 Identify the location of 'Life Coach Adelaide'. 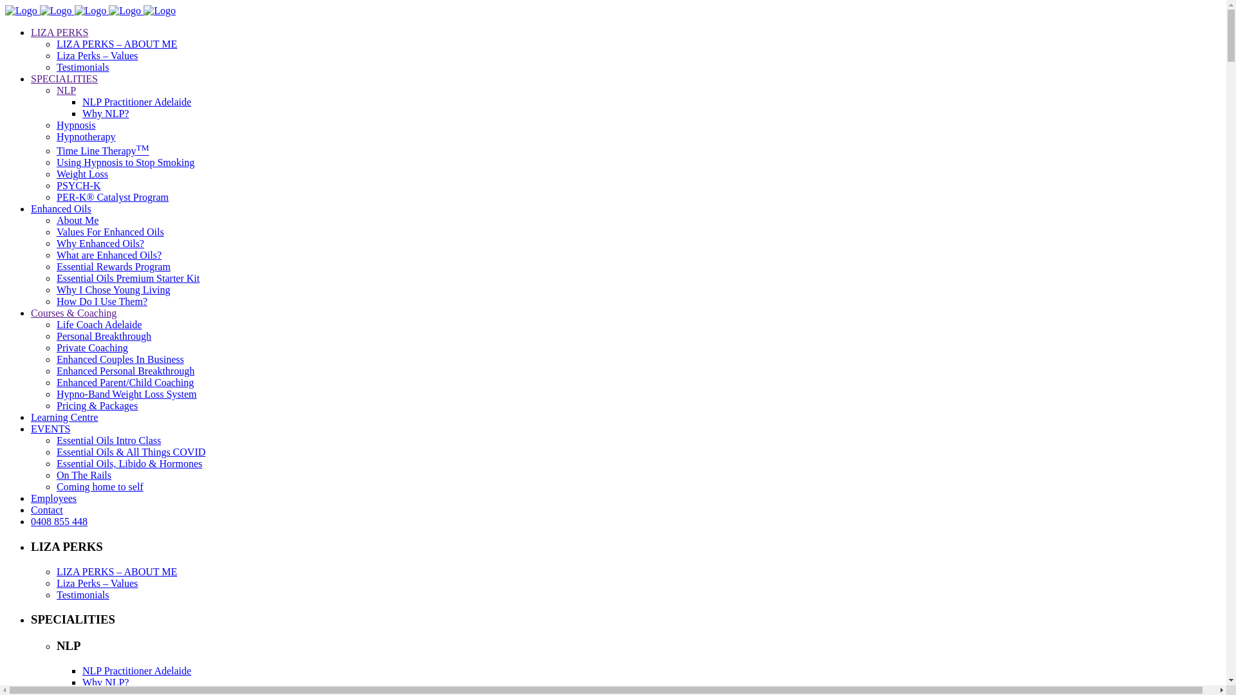
(98, 324).